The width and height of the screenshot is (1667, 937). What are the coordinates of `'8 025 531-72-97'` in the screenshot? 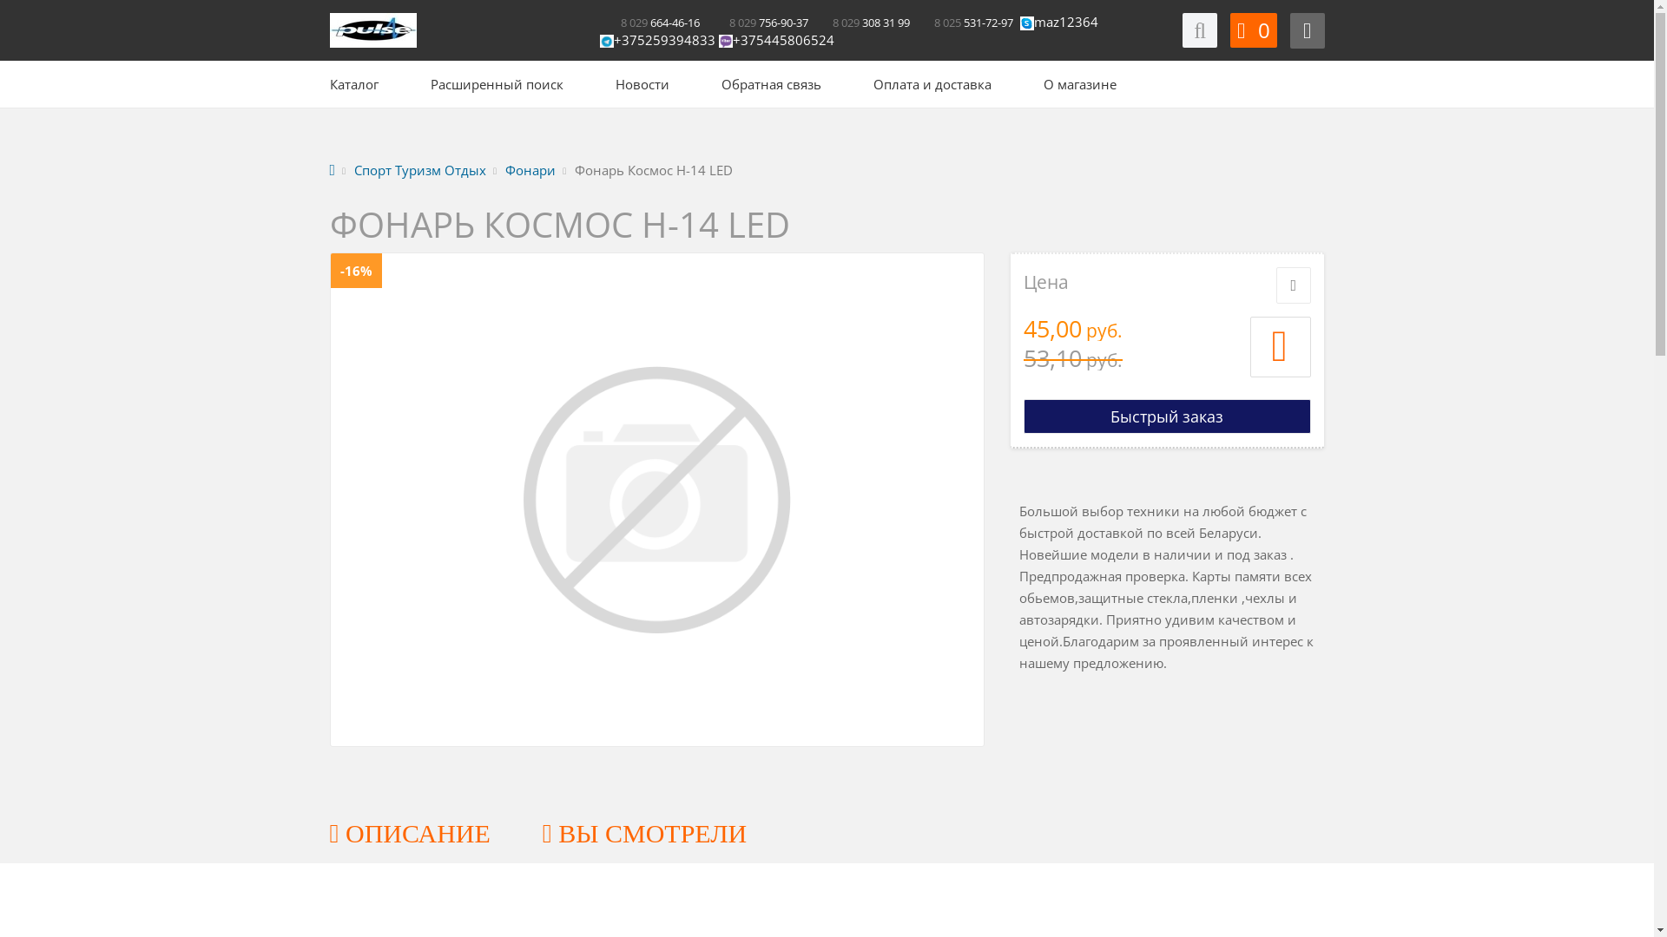 It's located at (964, 21).